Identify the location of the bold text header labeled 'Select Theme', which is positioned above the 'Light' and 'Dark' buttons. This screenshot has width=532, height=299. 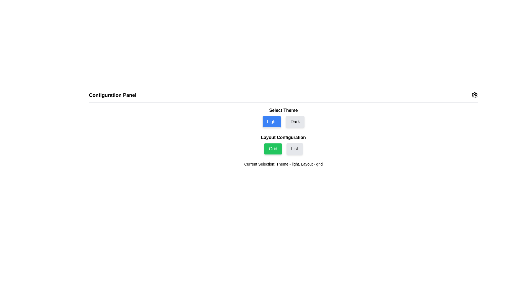
(283, 110).